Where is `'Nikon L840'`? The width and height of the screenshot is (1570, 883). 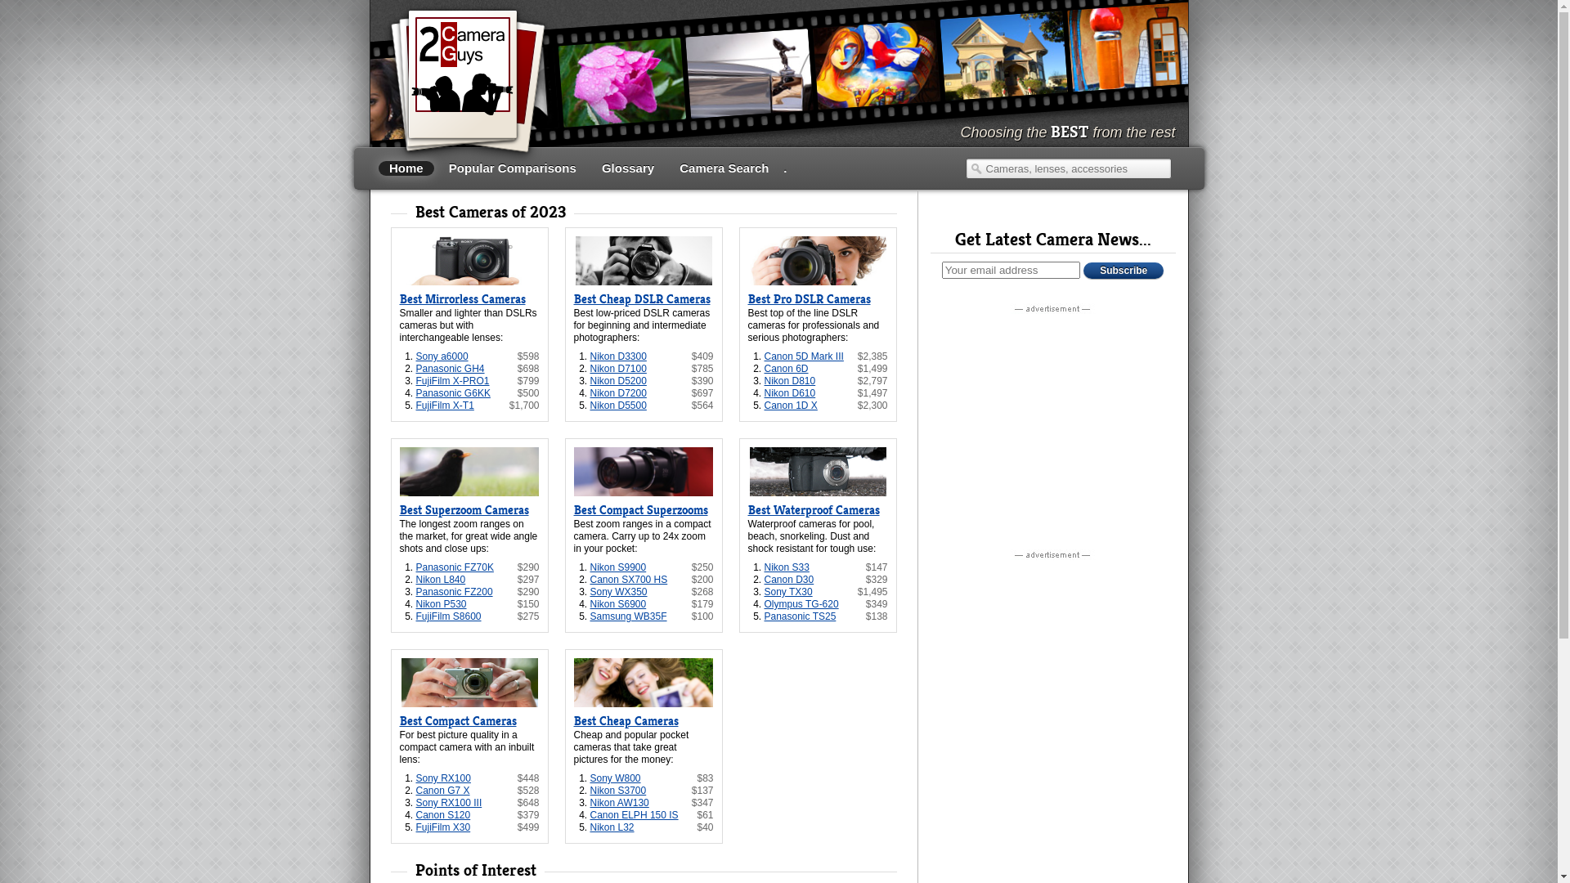
'Nikon L840' is located at coordinates (440, 579).